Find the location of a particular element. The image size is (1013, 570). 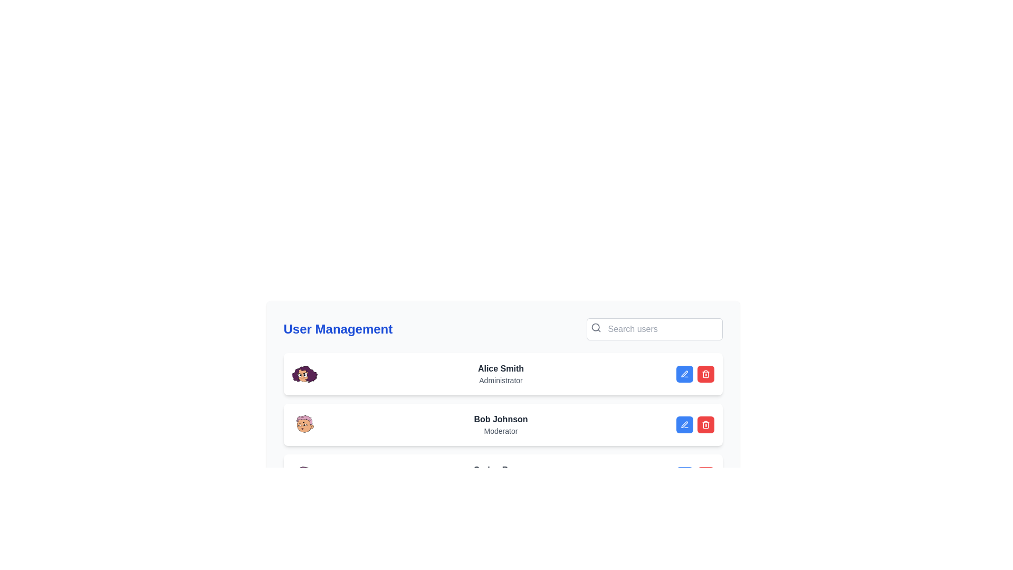

the static text label displaying 'Alice Smith', which is styled in bold dark gray and positioned above the text 'Administrator' in the User Management section is located at coordinates (500, 368).